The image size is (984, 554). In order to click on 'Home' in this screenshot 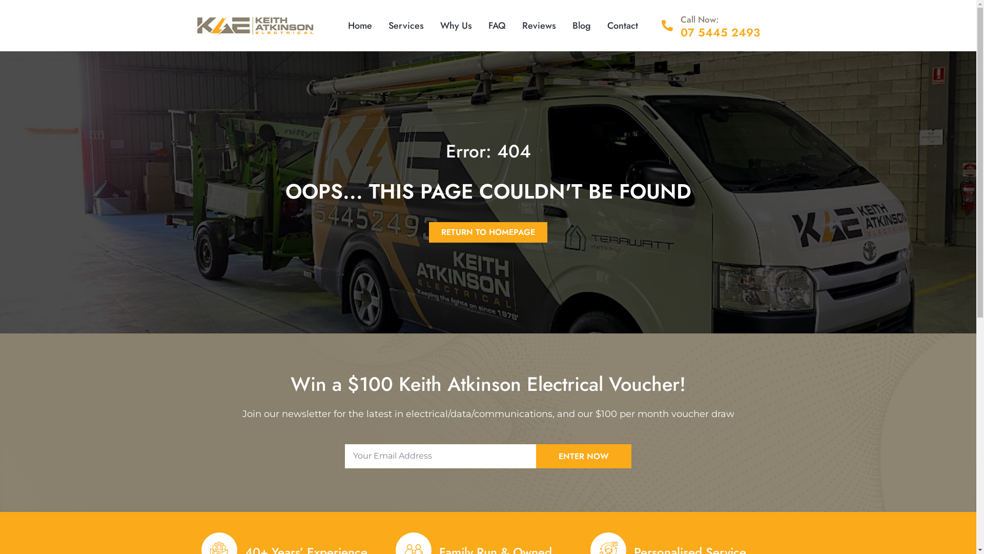, I will do `click(360, 25)`.